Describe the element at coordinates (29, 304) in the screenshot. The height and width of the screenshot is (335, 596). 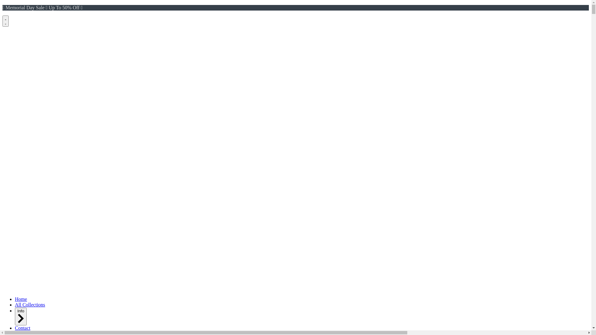
I see `'All Collections'` at that location.